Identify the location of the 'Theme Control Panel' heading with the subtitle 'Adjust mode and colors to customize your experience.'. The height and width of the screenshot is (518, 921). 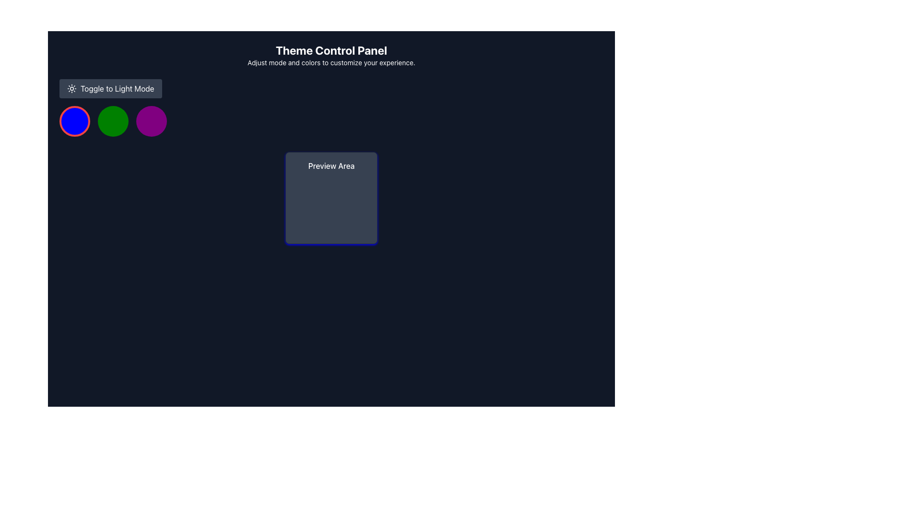
(331, 55).